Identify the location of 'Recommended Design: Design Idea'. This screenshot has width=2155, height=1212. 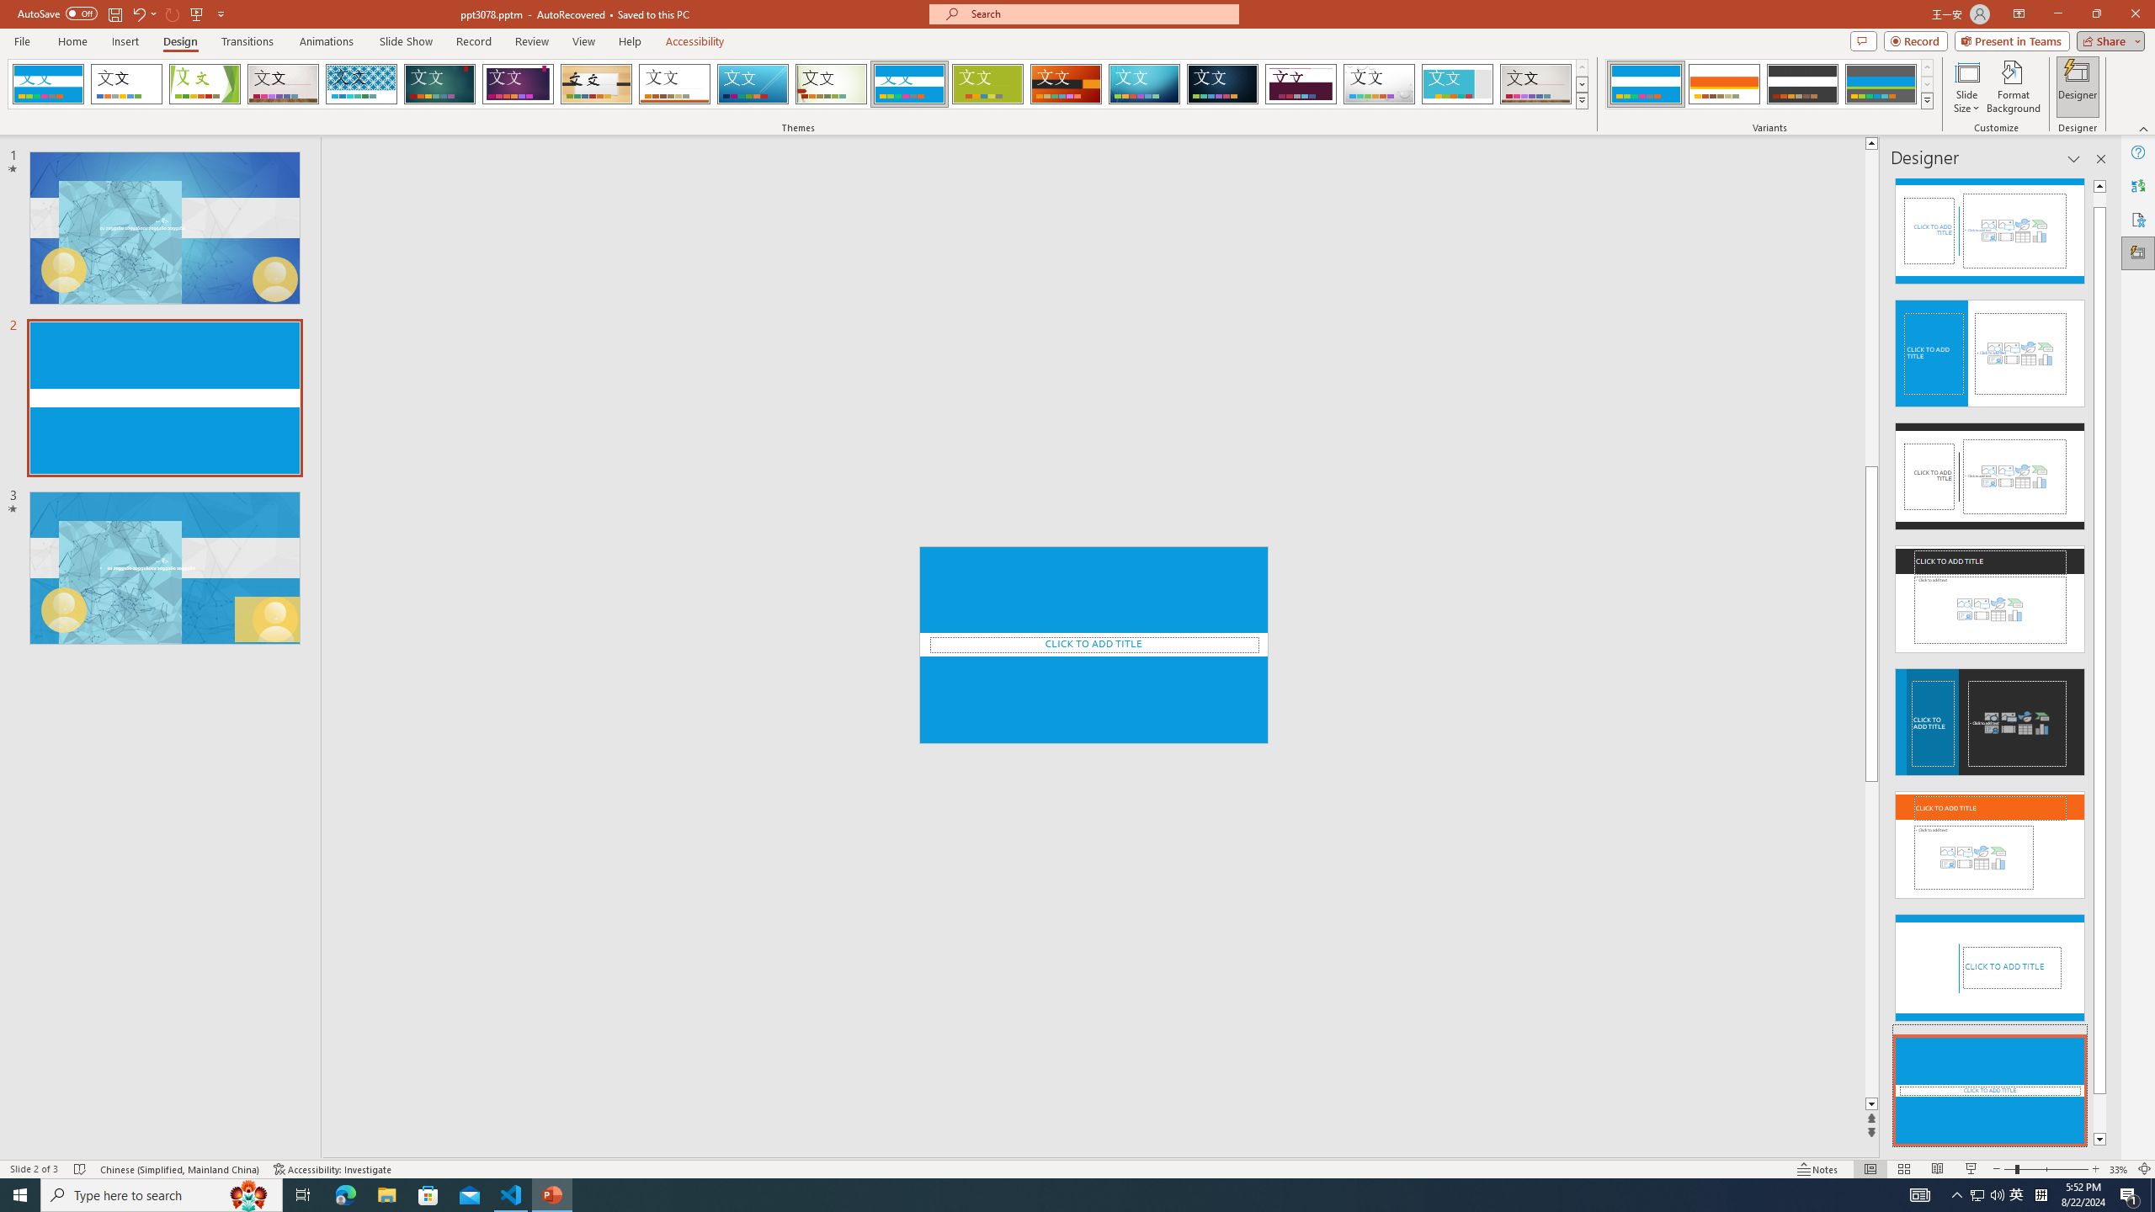
(1990, 225).